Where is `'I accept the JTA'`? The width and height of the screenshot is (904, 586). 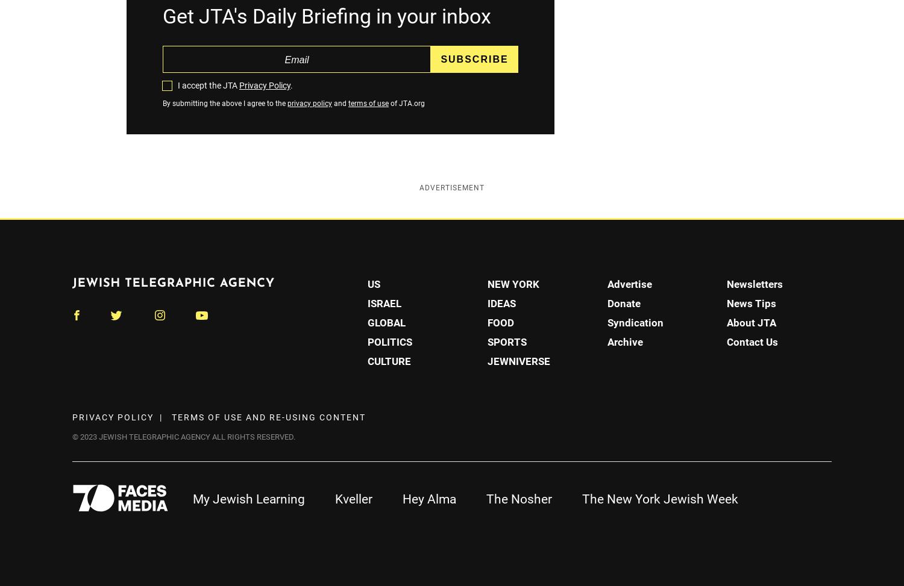
'I accept the JTA' is located at coordinates (208, 85).